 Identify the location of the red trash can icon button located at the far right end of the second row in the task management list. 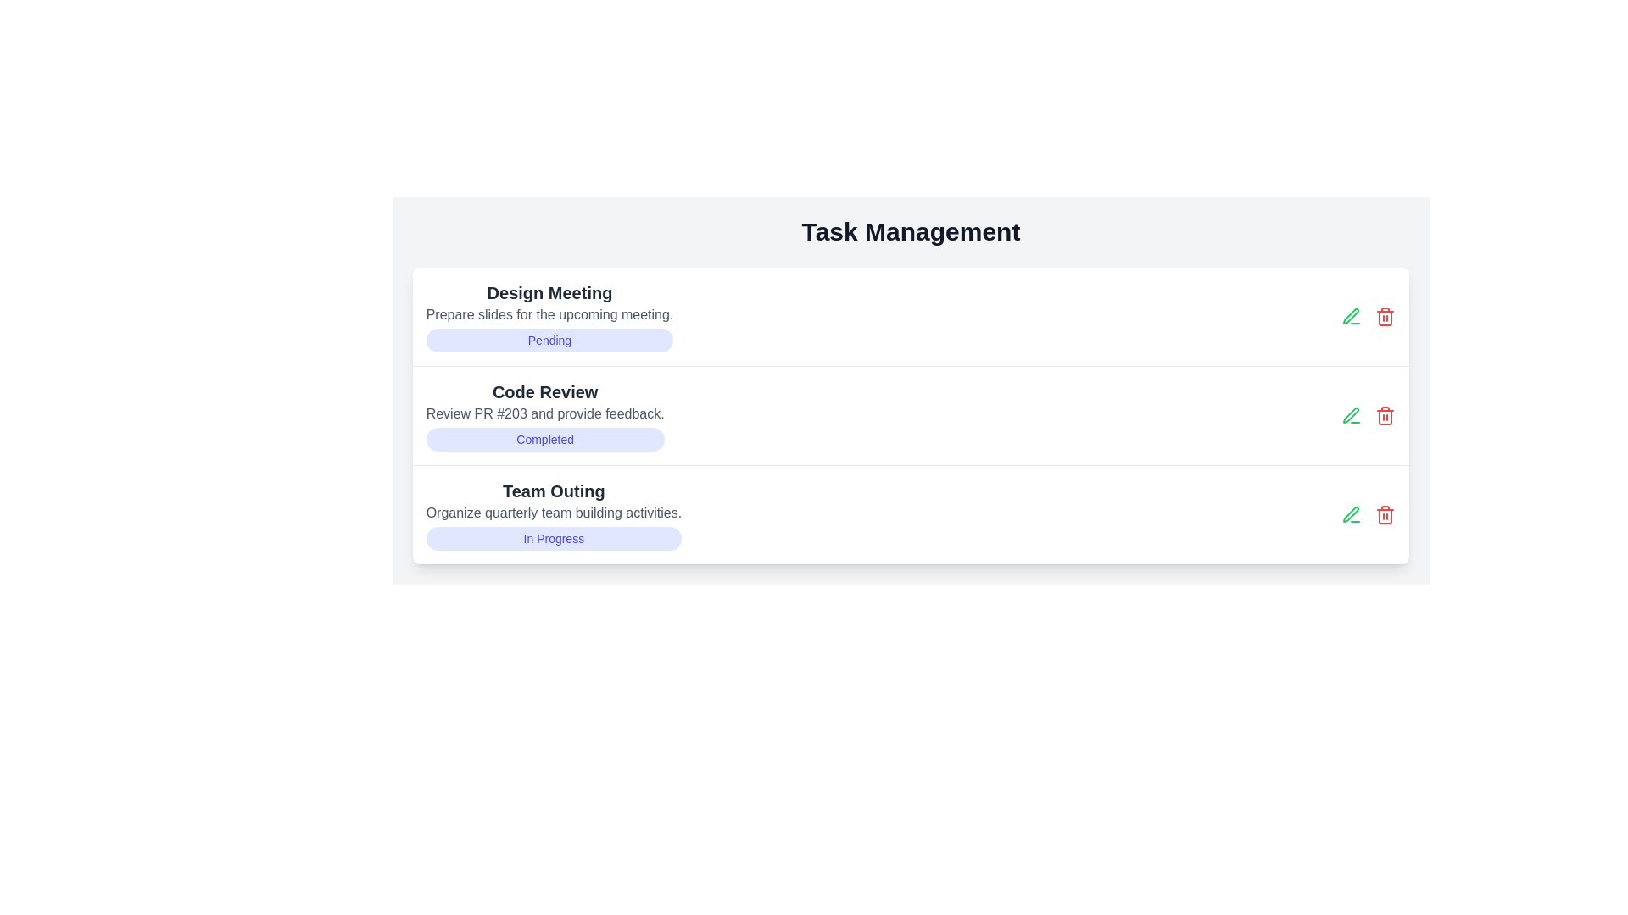
(1385, 317).